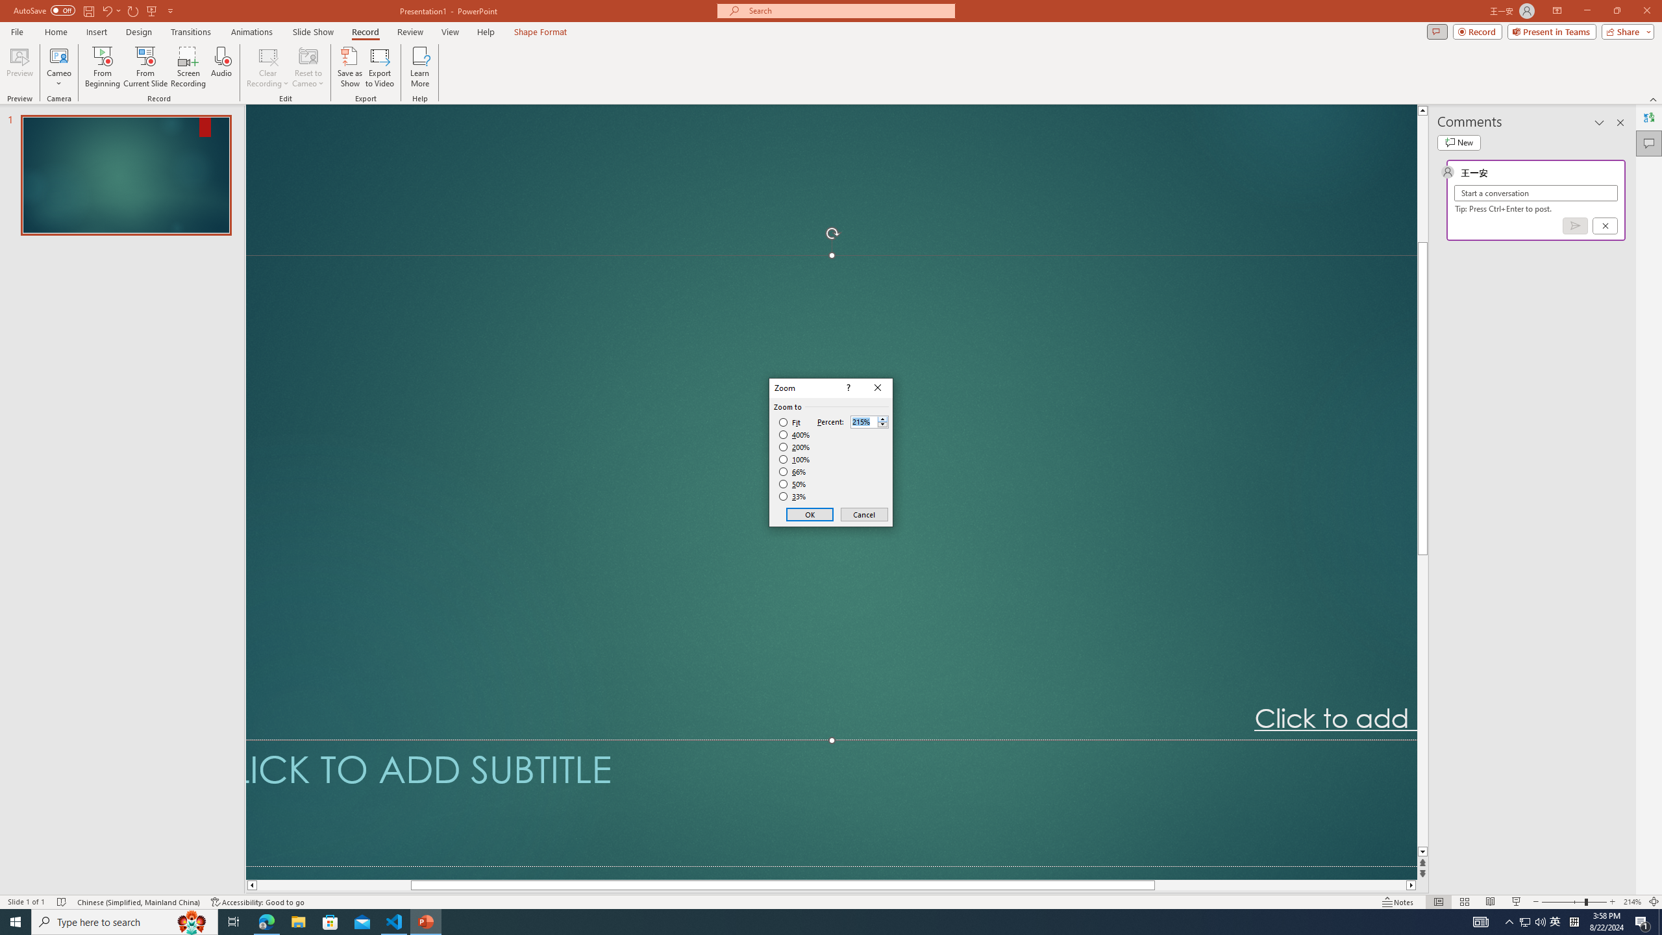 The image size is (1662, 935). I want to click on 'Start a conversation', so click(1535, 192).